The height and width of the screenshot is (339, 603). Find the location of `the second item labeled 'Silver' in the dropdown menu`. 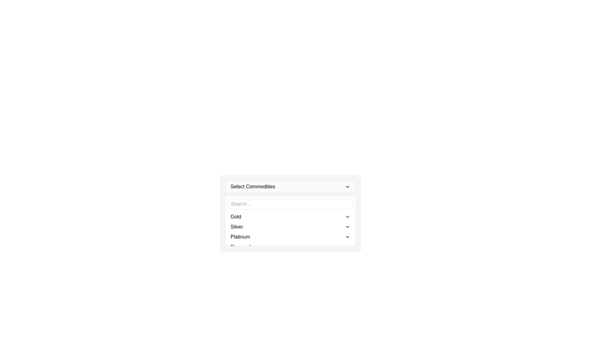

the second item labeled 'Silver' in the dropdown menu is located at coordinates (290, 227).